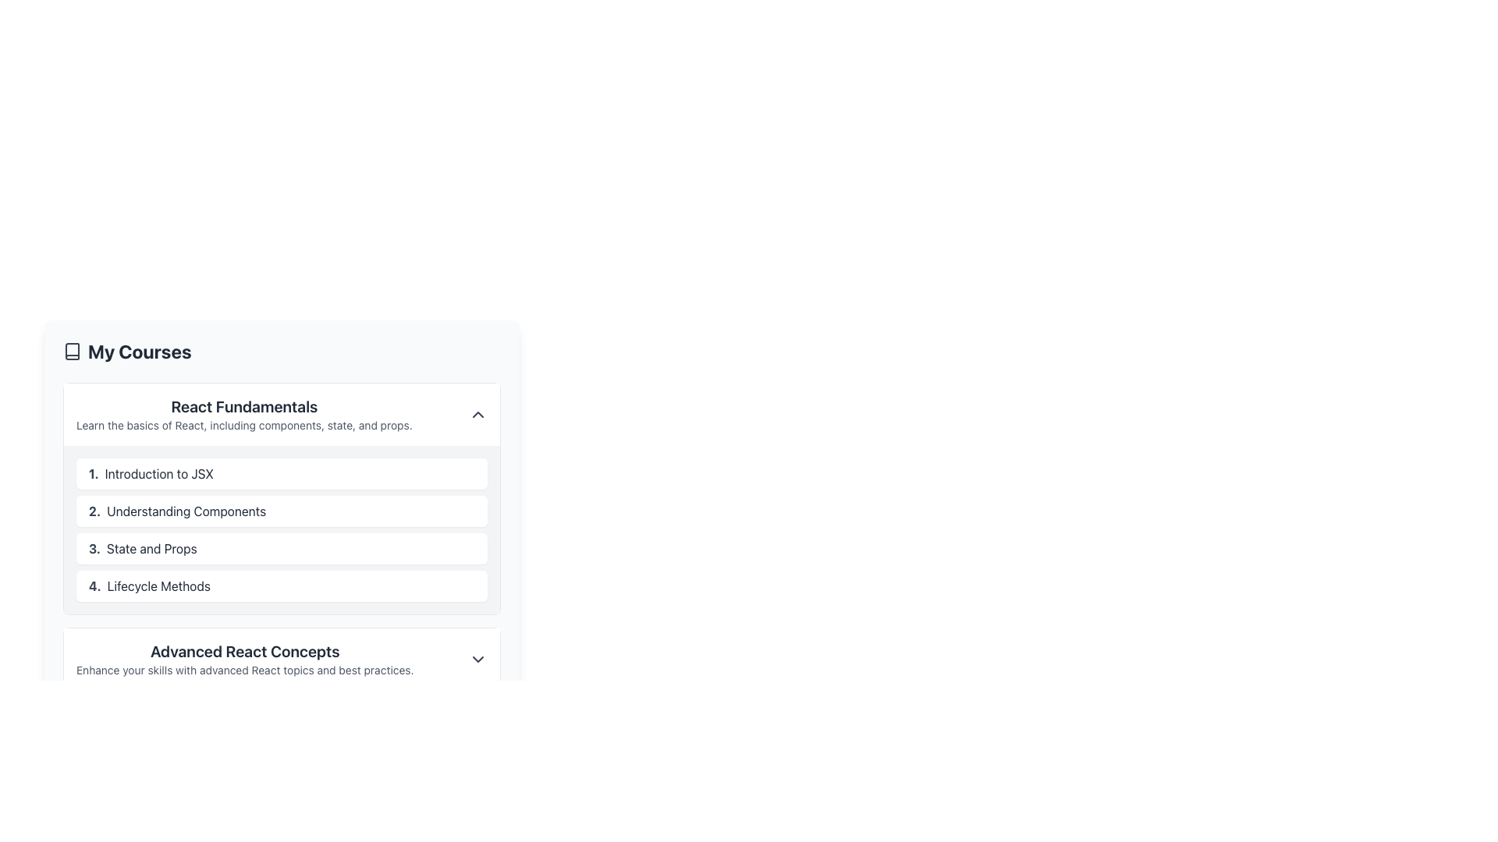 The height and width of the screenshot is (842, 1498). What do you see at coordinates (282, 659) in the screenshot?
I see `the 'Advanced React Concepts' expandable list item at the bottom of the 'My Courses' panel` at bounding box center [282, 659].